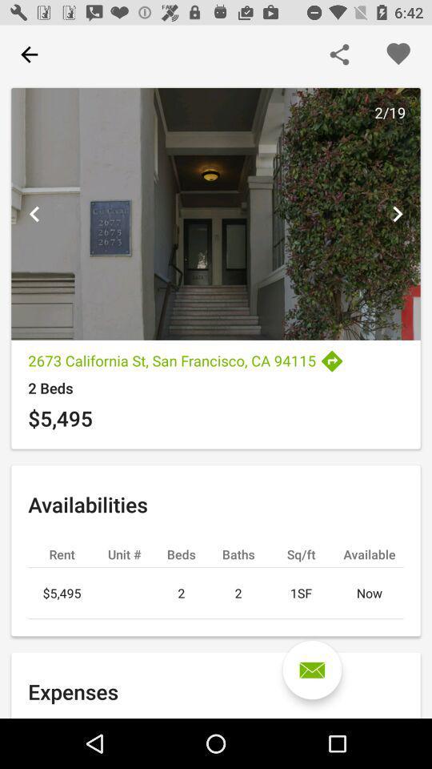 The height and width of the screenshot is (769, 432). Describe the element at coordinates (396, 213) in the screenshot. I see `see next image right` at that location.